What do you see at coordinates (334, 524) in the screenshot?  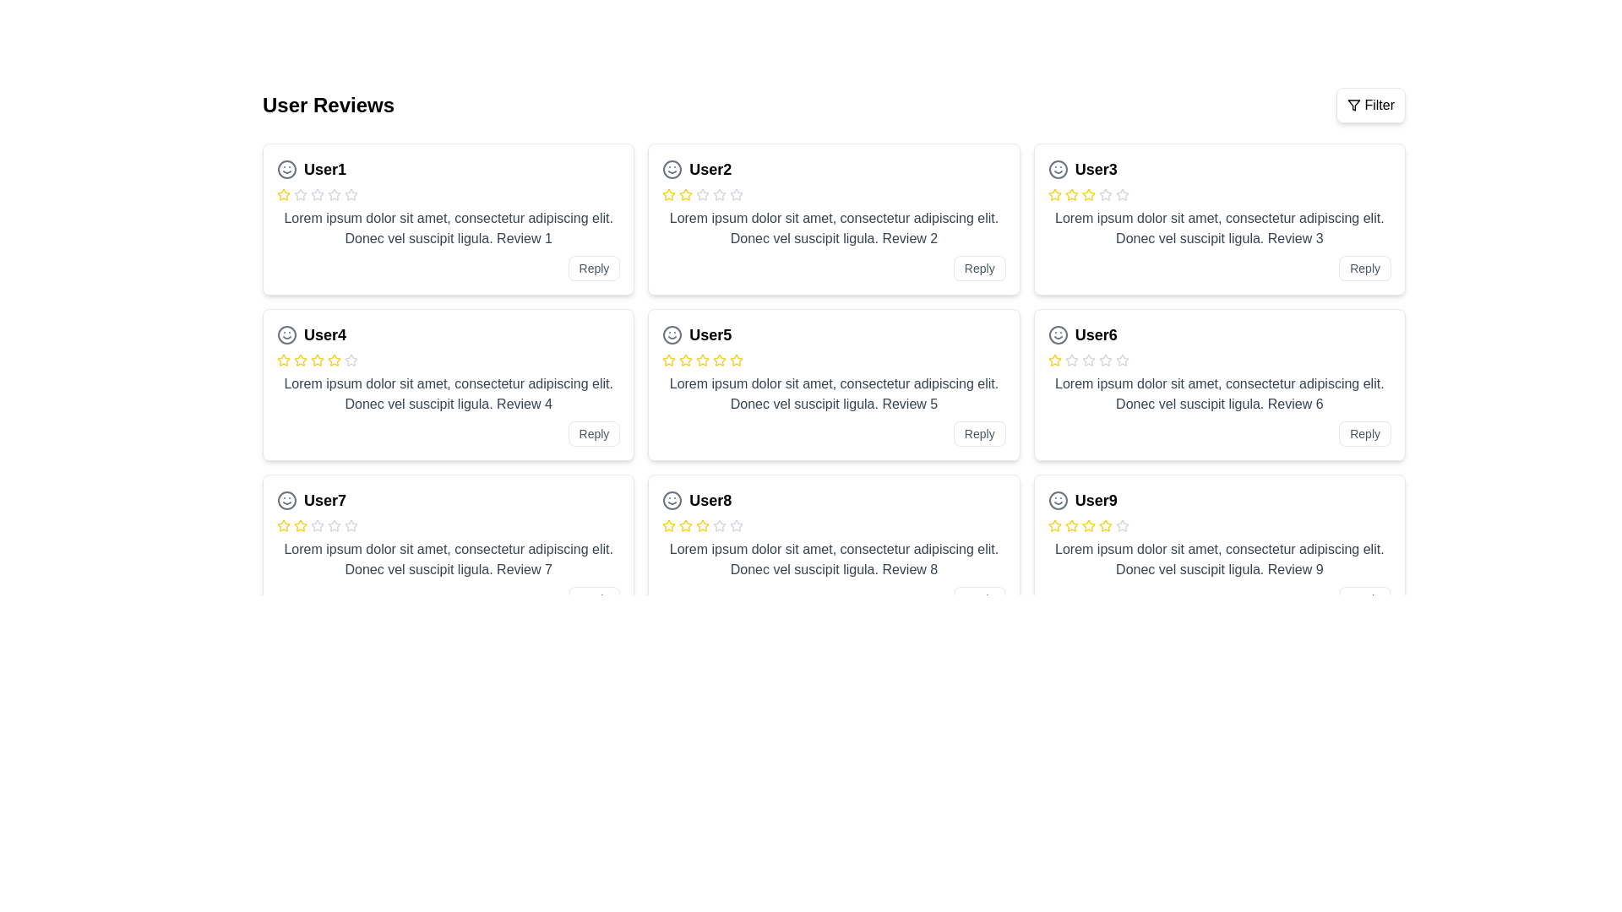 I see `the graphical star icon with an outlined shape and gray coloring, located within the fourth star in the rating row under 'User7's review card` at bounding box center [334, 524].